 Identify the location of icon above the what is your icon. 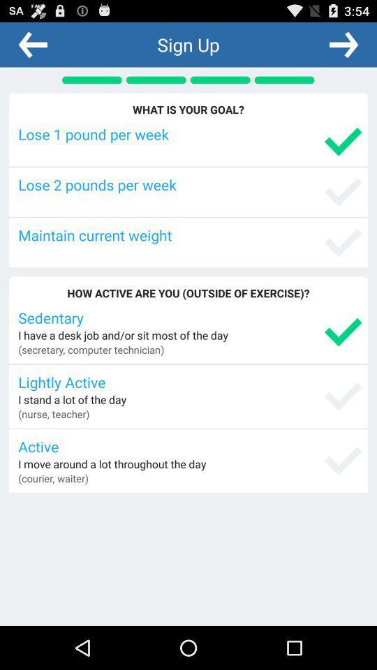
(343, 44).